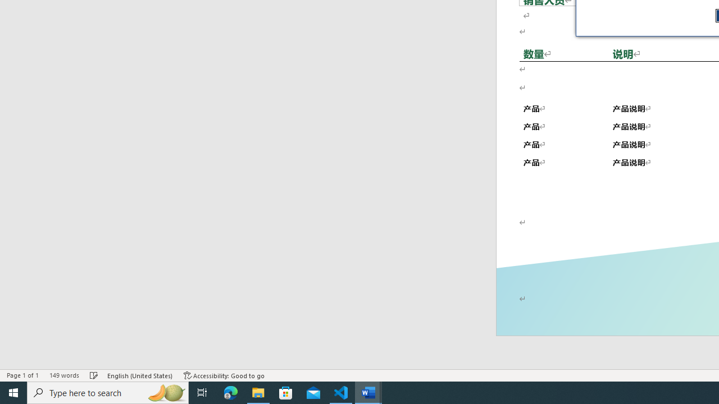  What do you see at coordinates (108, 392) in the screenshot?
I see `'Type here to search'` at bounding box center [108, 392].